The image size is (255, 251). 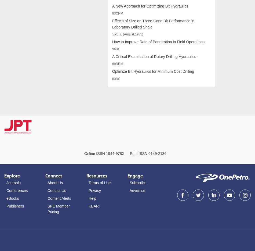 What do you see at coordinates (154, 56) in the screenshot?
I see `'A Critical Examination of Rotary Drilling Hydraulics'` at bounding box center [154, 56].